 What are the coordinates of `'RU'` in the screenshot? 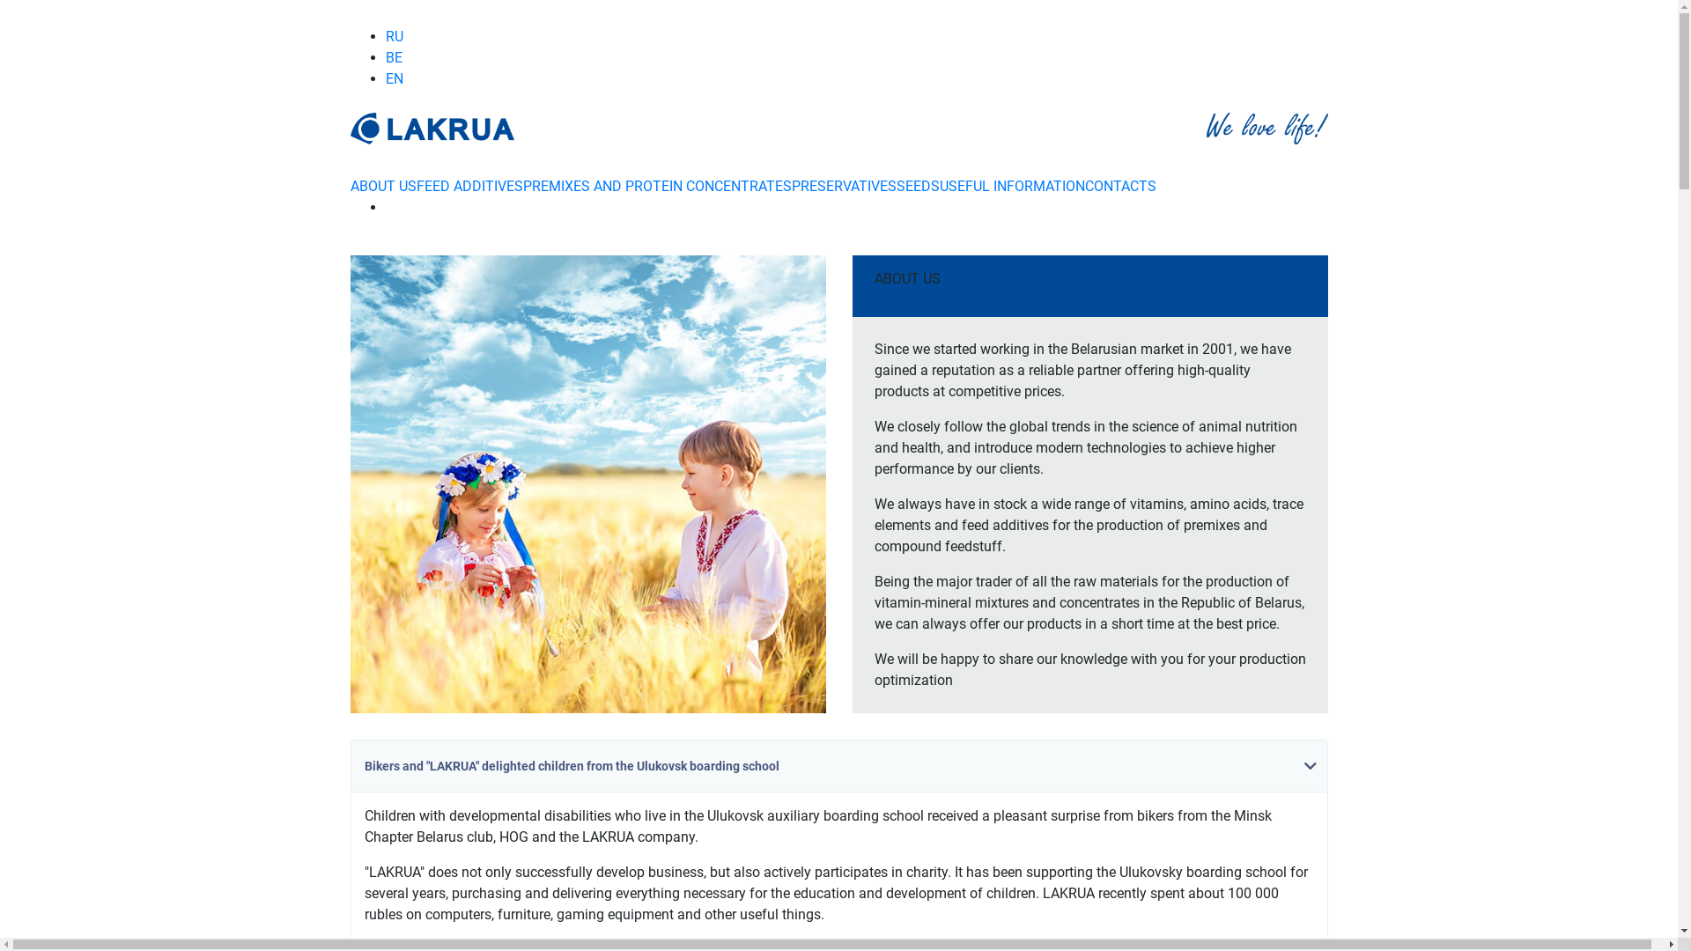 It's located at (393, 36).